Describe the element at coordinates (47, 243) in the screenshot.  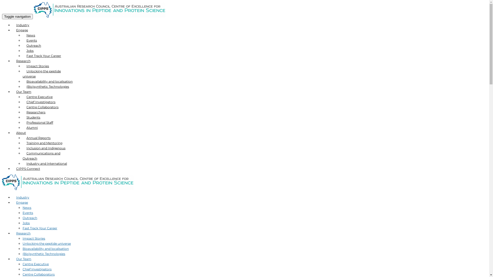
I see `'Unlocking the peptide universe'` at that location.